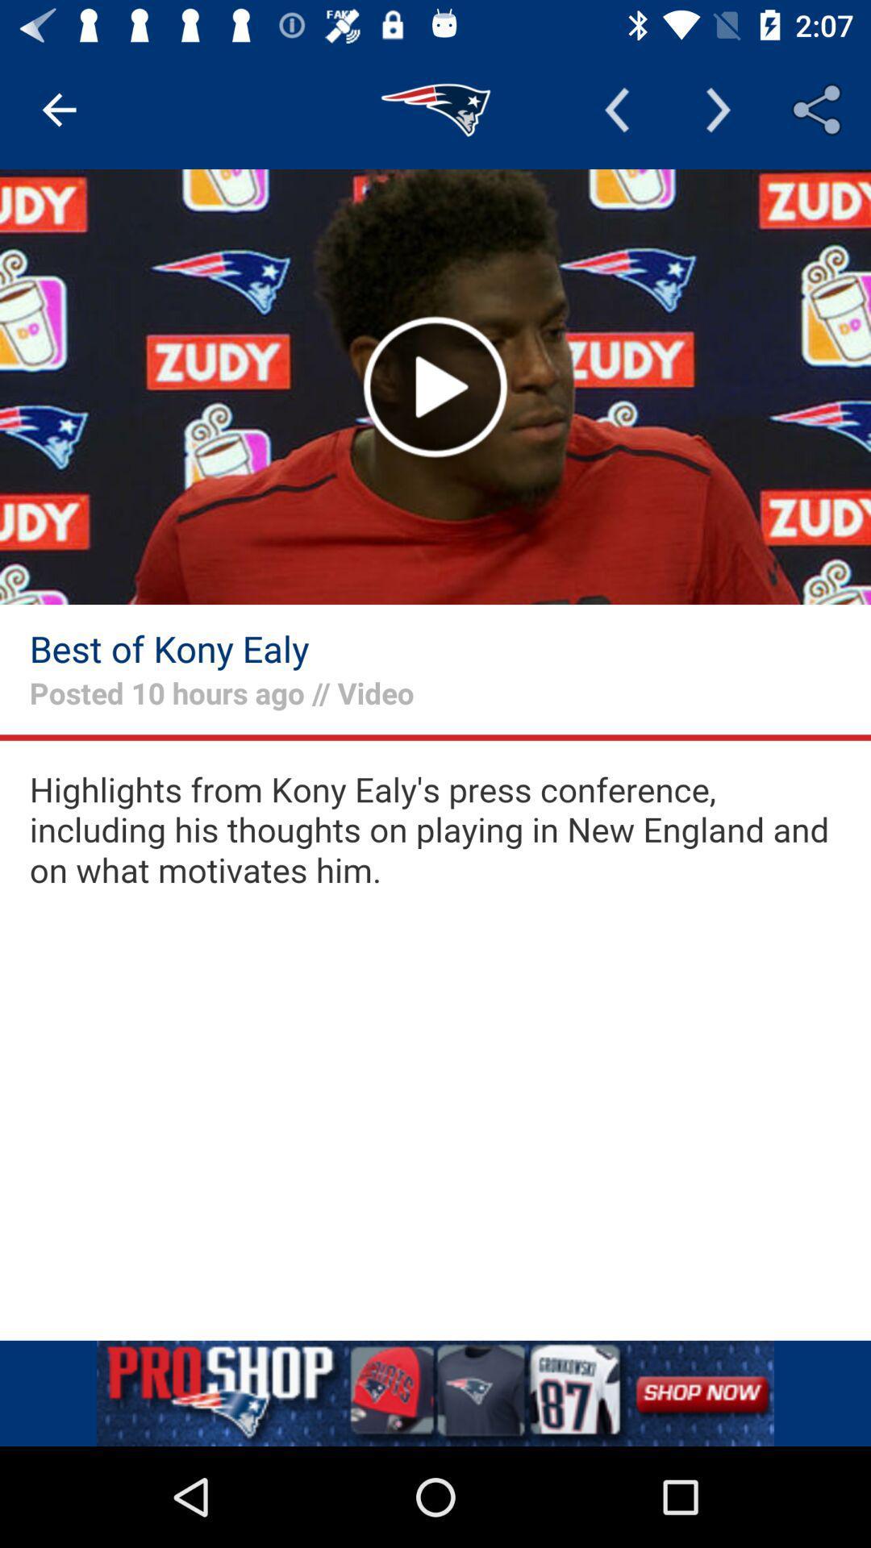 The image size is (871, 1548). Describe the element at coordinates (435, 387) in the screenshot. I see `autoplay option` at that location.